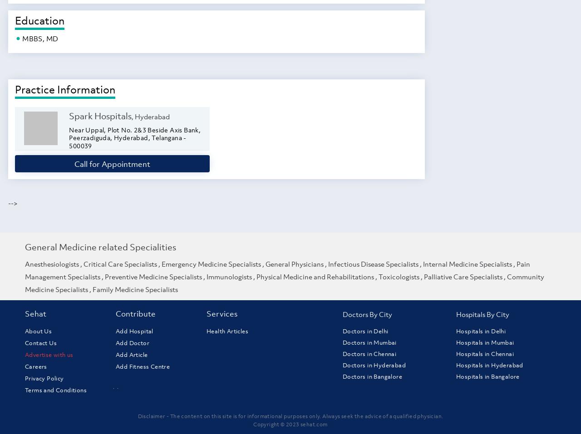  Describe the element at coordinates (135, 314) in the screenshot. I see `'Contribute'` at that location.